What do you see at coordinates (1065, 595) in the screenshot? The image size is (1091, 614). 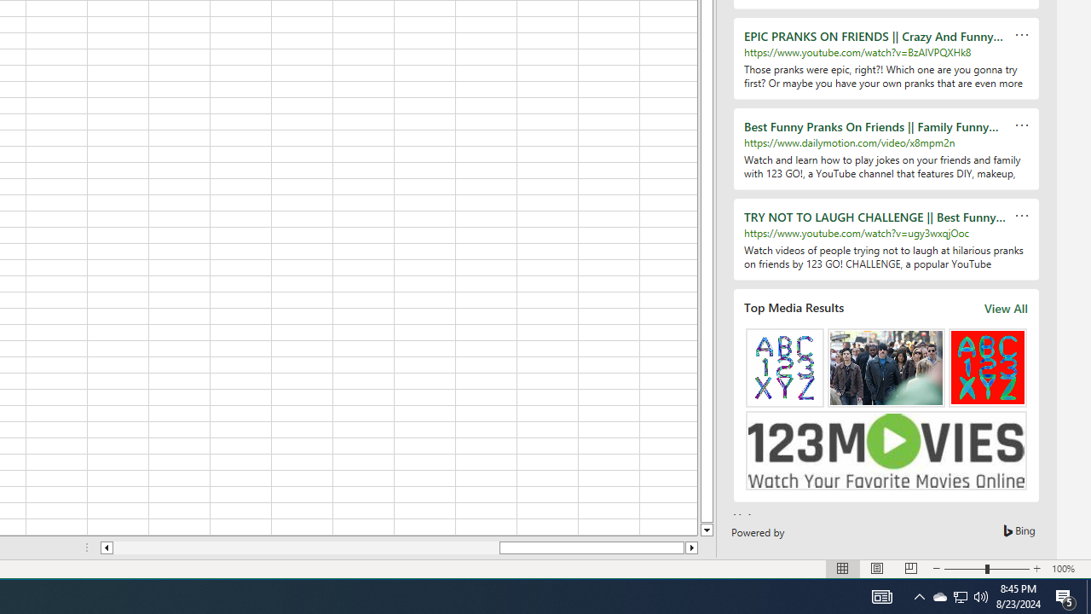 I see `'Action Center, 5 new notifications'` at bounding box center [1065, 595].